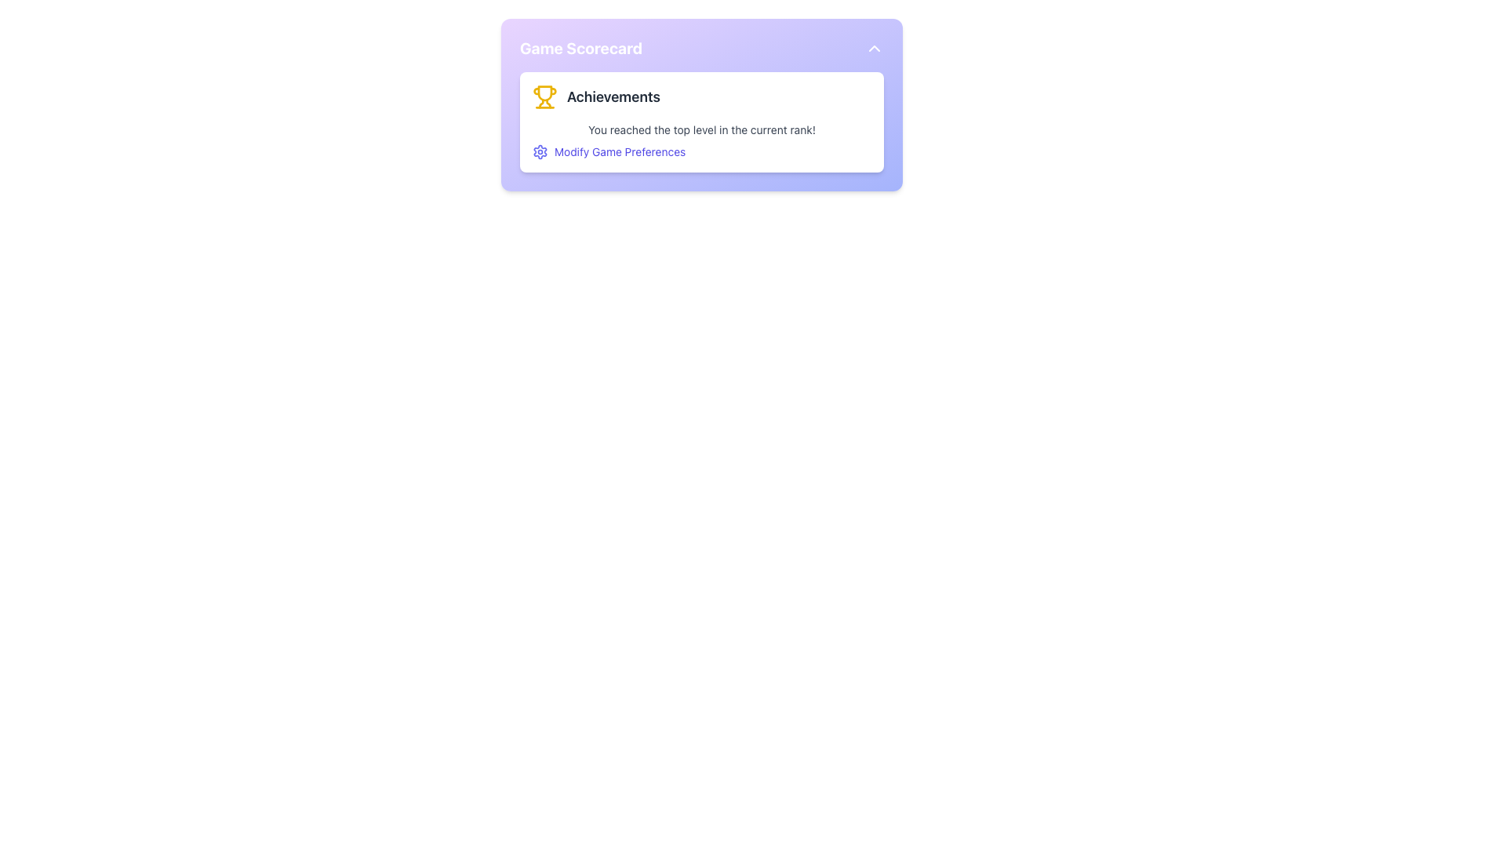  What do you see at coordinates (540, 151) in the screenshot?
I see `the cogwheel-shaped icon` at bounding box center [540, 151].